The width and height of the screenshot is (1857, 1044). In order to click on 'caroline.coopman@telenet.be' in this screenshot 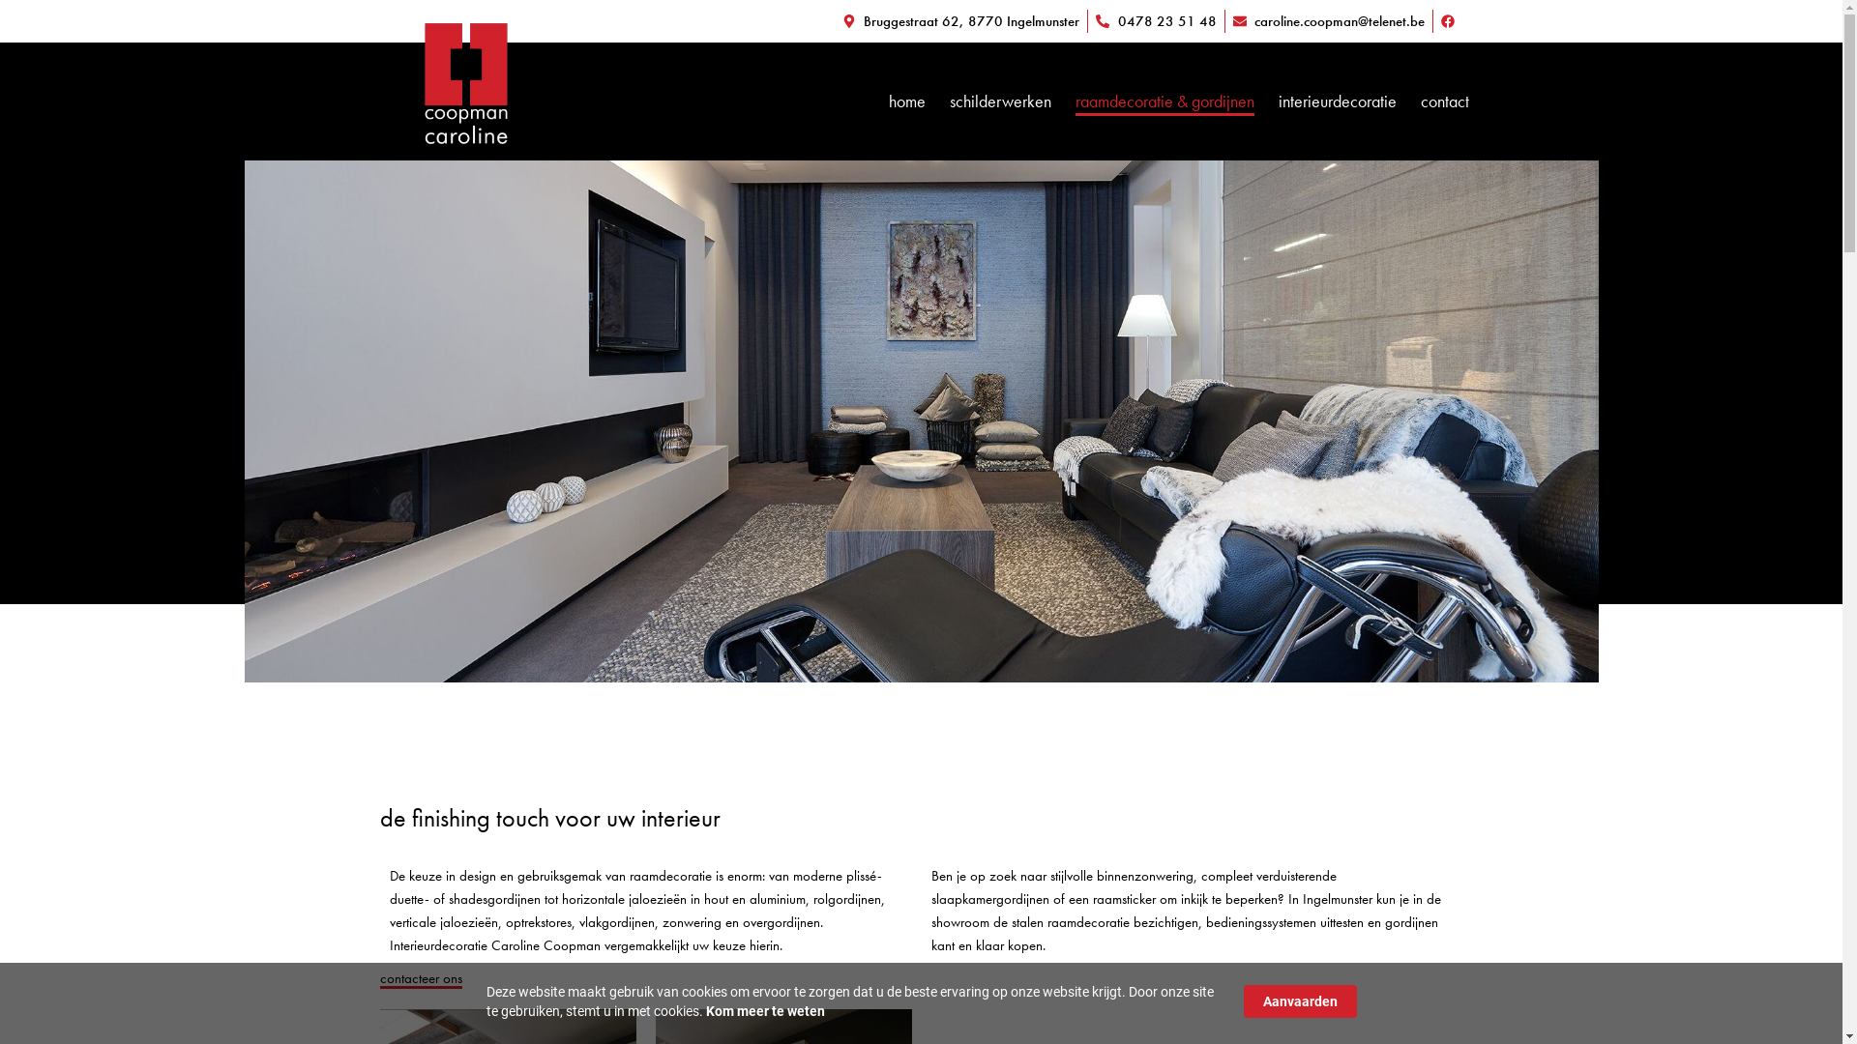, I will do `click(1327, 21)`.